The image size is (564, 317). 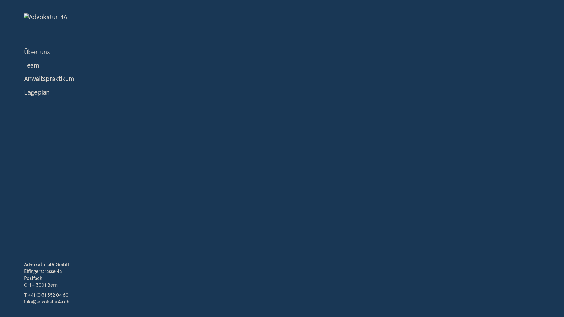 I want to click on 'Anwaltspraktikum', so click(x=49, y=79).